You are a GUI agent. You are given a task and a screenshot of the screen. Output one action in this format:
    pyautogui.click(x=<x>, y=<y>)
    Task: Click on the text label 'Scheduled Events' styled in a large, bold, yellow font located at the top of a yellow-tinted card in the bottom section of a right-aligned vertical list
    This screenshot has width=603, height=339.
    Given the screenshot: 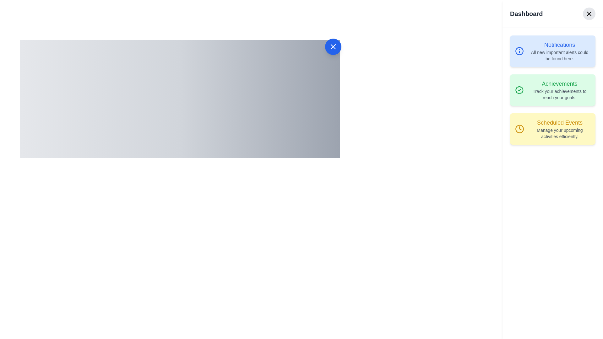 What is the action you would take?
    pyautogui.click(x=560, y=122)
    